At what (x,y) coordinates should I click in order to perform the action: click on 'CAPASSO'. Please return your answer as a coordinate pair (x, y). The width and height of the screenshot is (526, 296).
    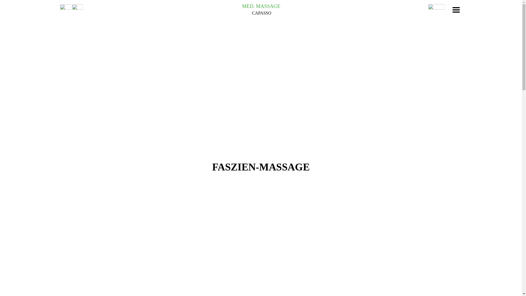
    Looking at the image, I should click on (261, 13).